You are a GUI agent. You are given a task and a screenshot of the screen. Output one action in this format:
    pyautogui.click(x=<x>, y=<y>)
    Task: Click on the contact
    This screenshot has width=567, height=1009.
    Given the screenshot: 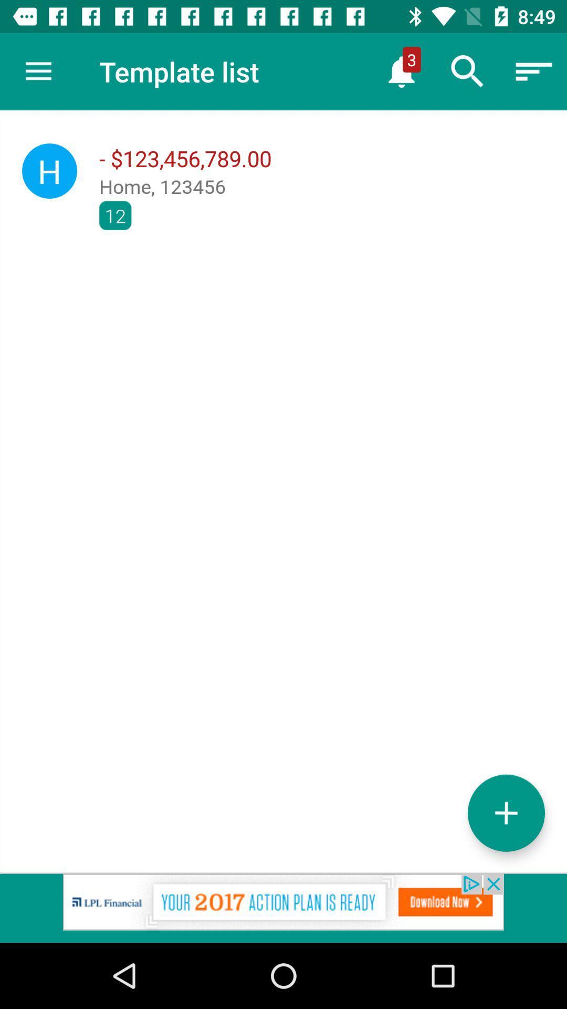 What is the action you would take?
    pyautogui.click(x=506, y=812)
    